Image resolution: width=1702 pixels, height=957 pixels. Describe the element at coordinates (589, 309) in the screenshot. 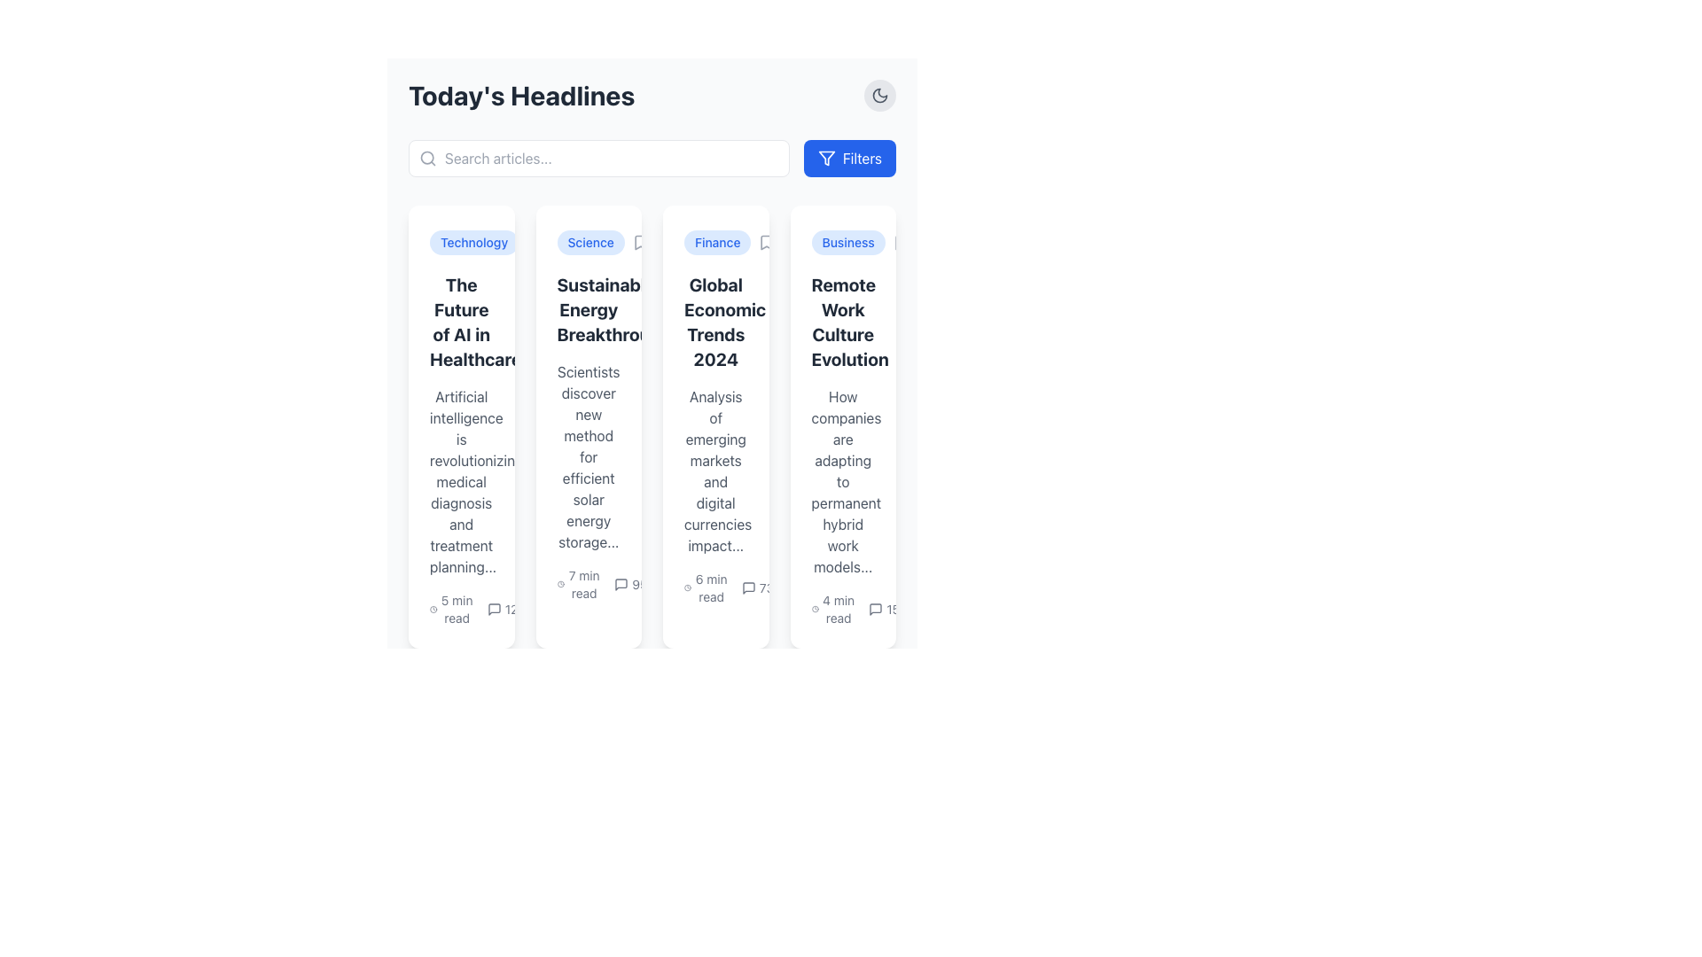

I see `title text block located in the second column, positioned below the 'Science' badge and above the article description, serving as the main topic summary` at that location.